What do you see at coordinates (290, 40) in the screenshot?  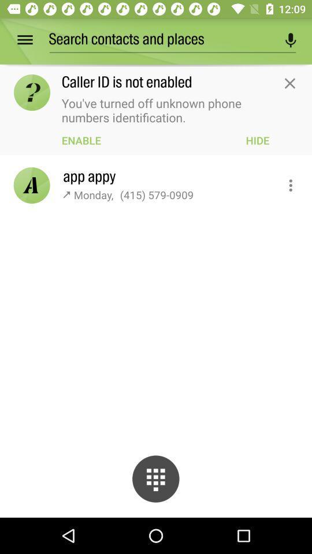 I see `the microphone icon` at bounding box center [290, 40].